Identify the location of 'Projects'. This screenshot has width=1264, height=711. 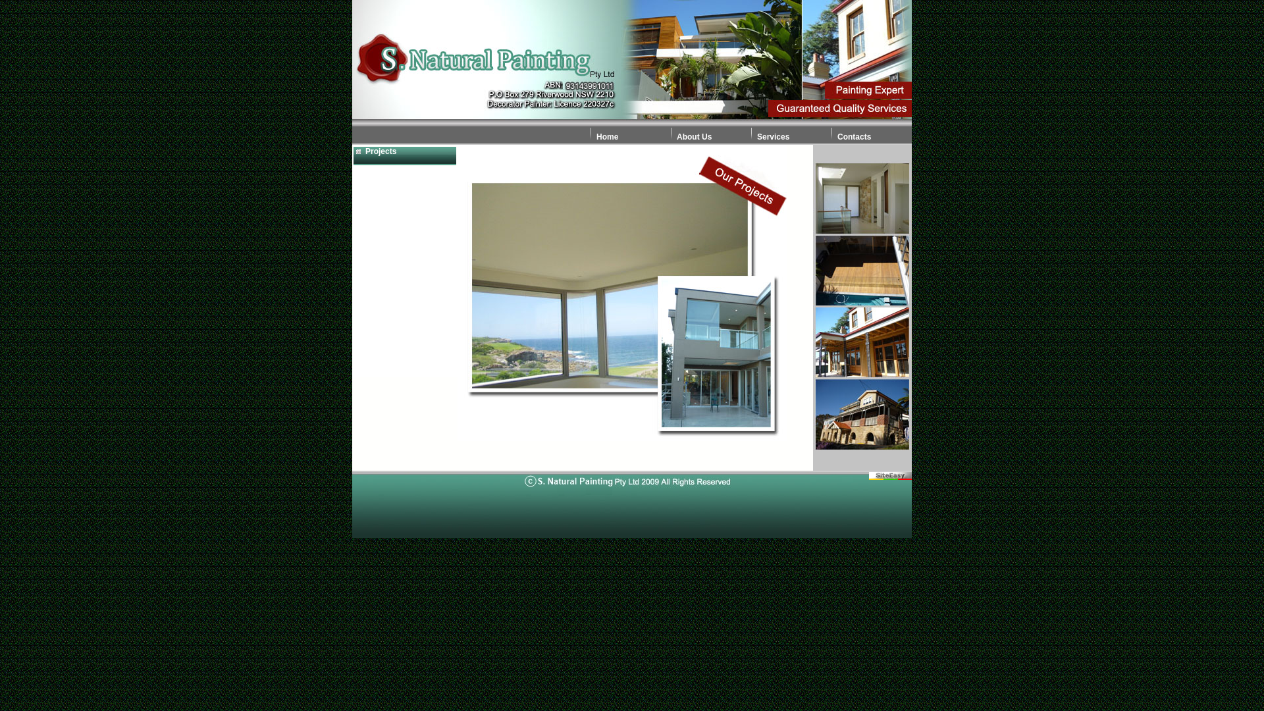
(404, 155).